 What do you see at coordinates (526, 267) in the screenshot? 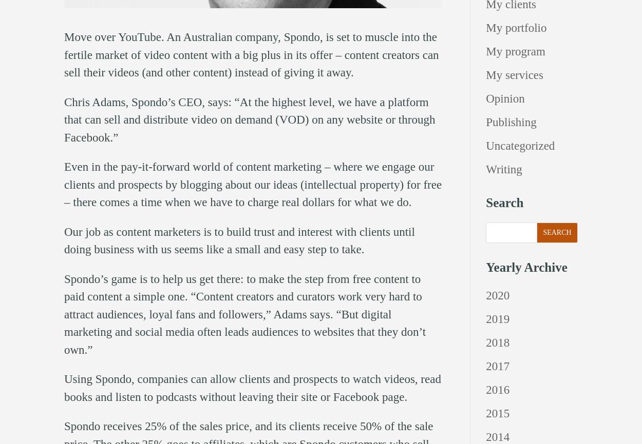
I see `'Yearly Archive'` at bounding box center [526, 267].